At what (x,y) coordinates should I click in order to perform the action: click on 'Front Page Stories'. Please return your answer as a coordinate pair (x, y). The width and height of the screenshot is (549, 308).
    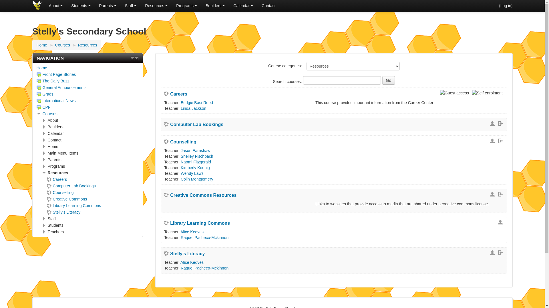
    Looking at the image, I should click on (56, 74).